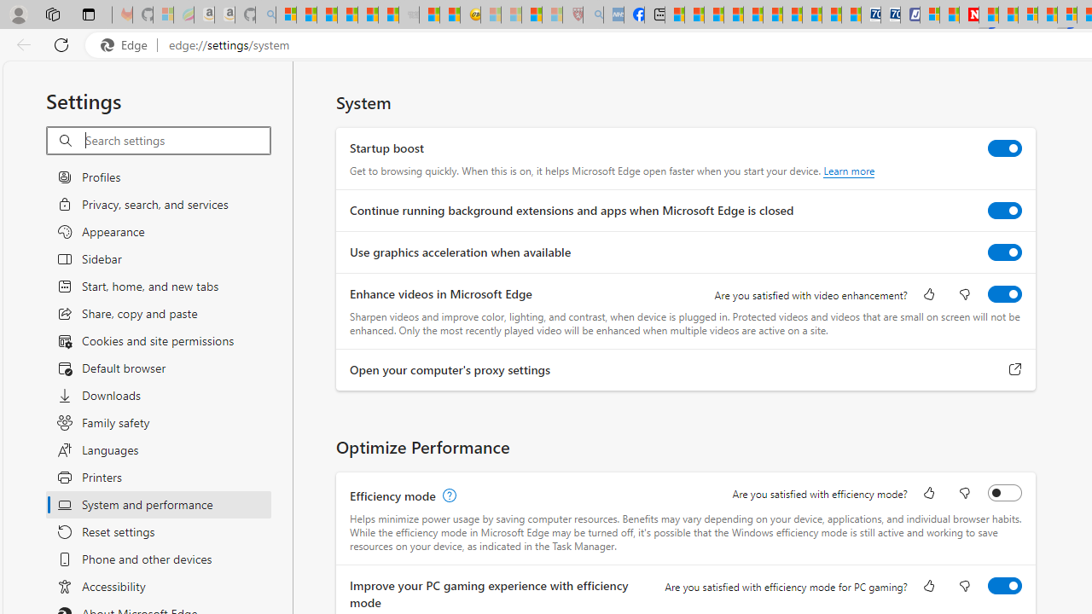  I want to click on 'Open your computer', so click(1015, 369).